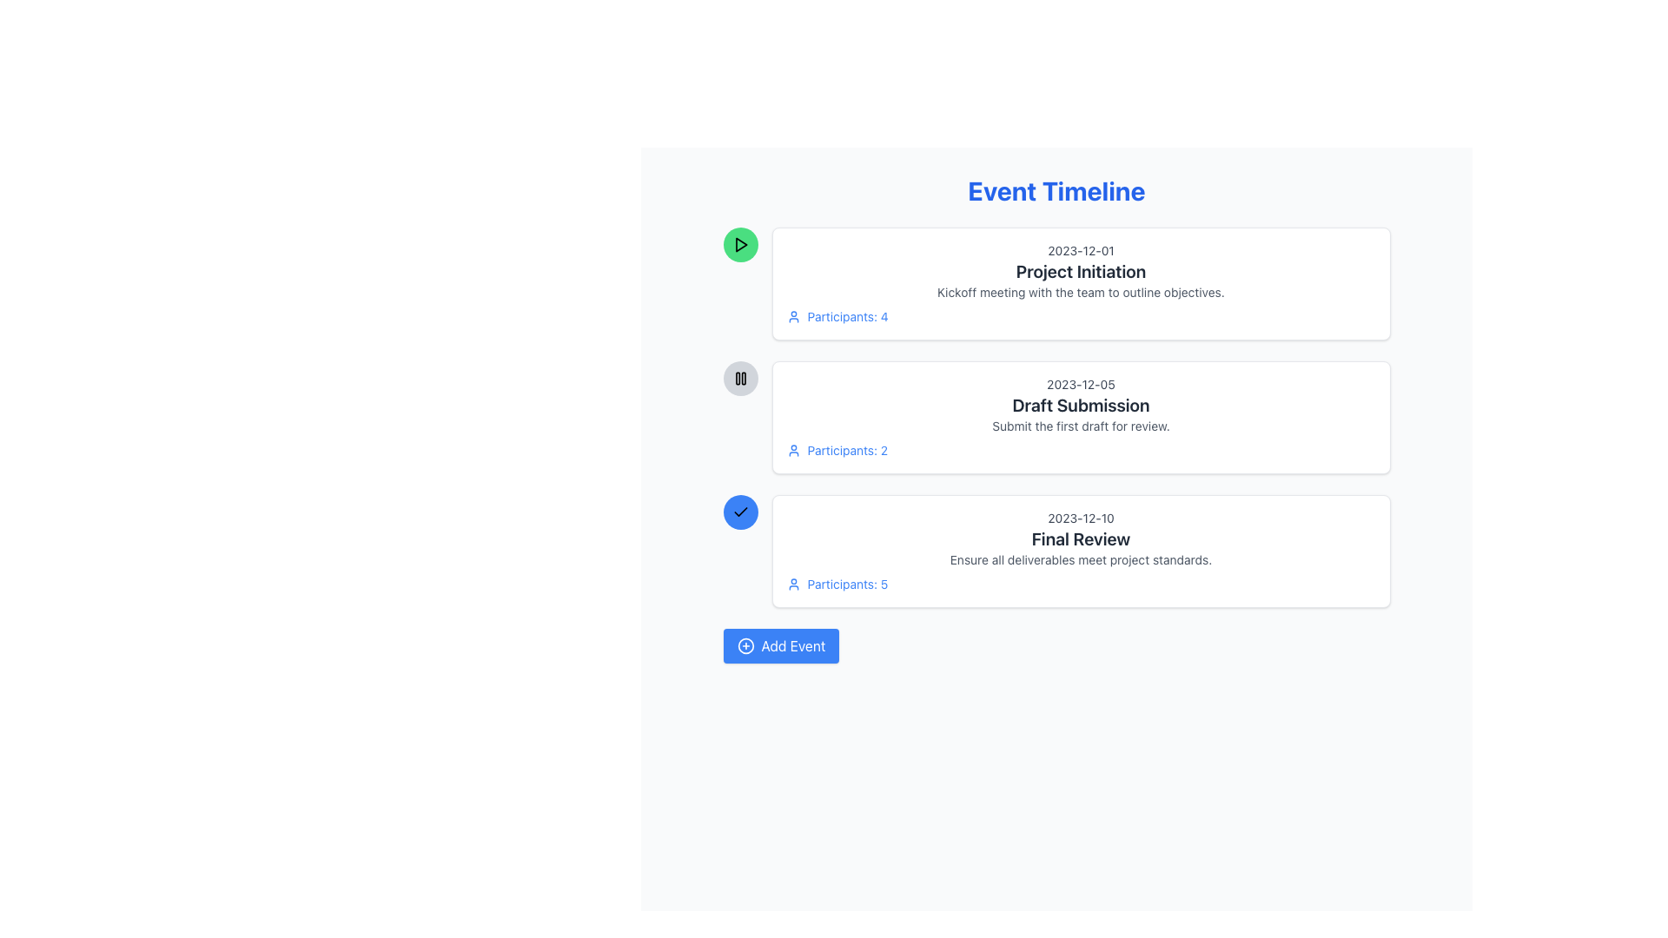 The width and height of the screenshot is (1668, 938). I want to click on the third event entry card, so click(1080, 552).